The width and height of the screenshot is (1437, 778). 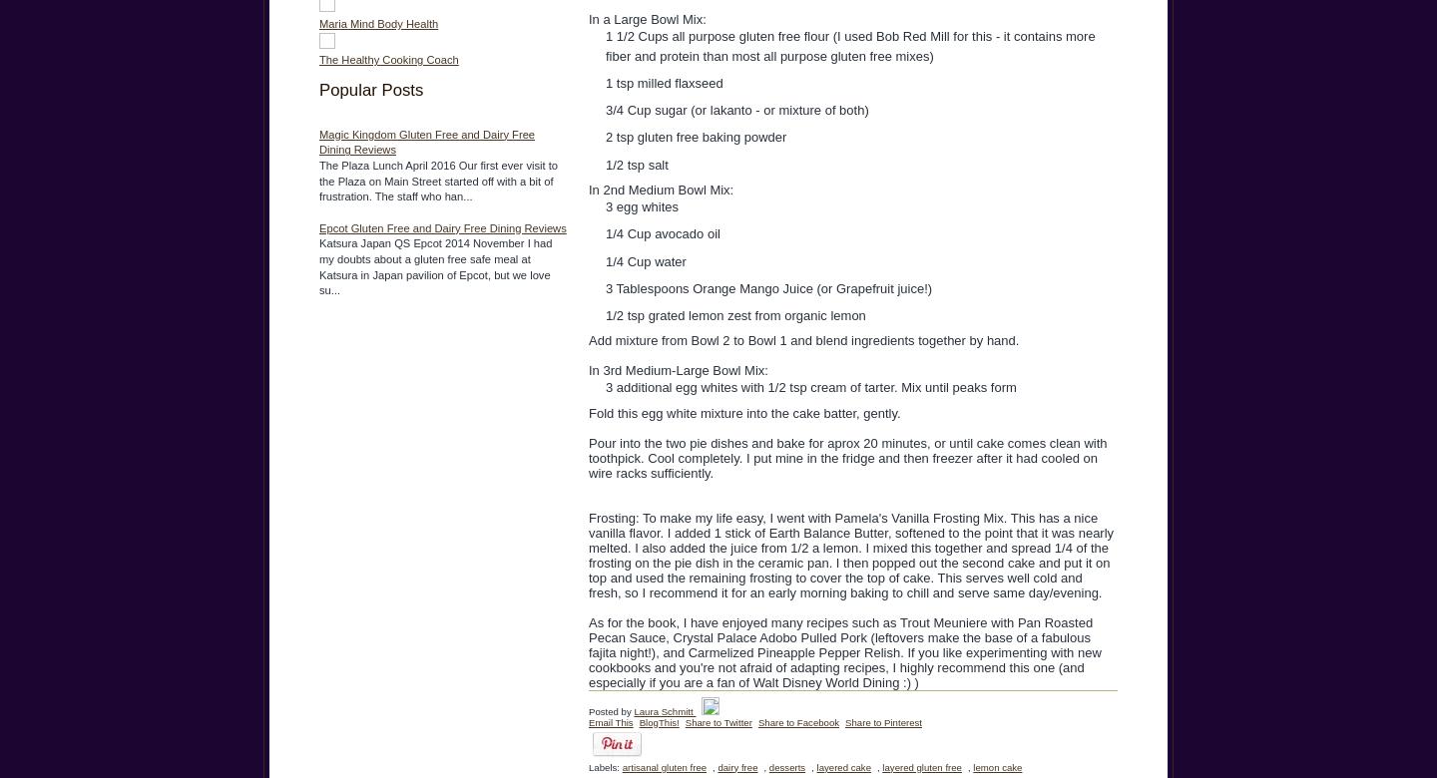 I want to click on 'Laura Schmitt', so click(x=633, y=709).